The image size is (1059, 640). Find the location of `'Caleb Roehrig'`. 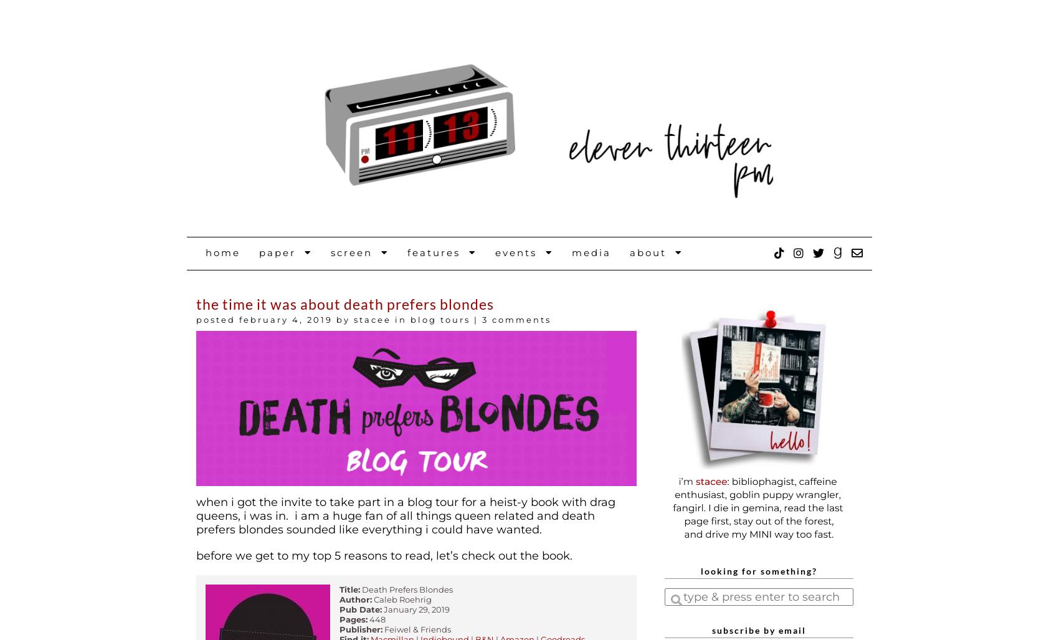

'Caleb Roehrig' is located at coordinates (371, 598).